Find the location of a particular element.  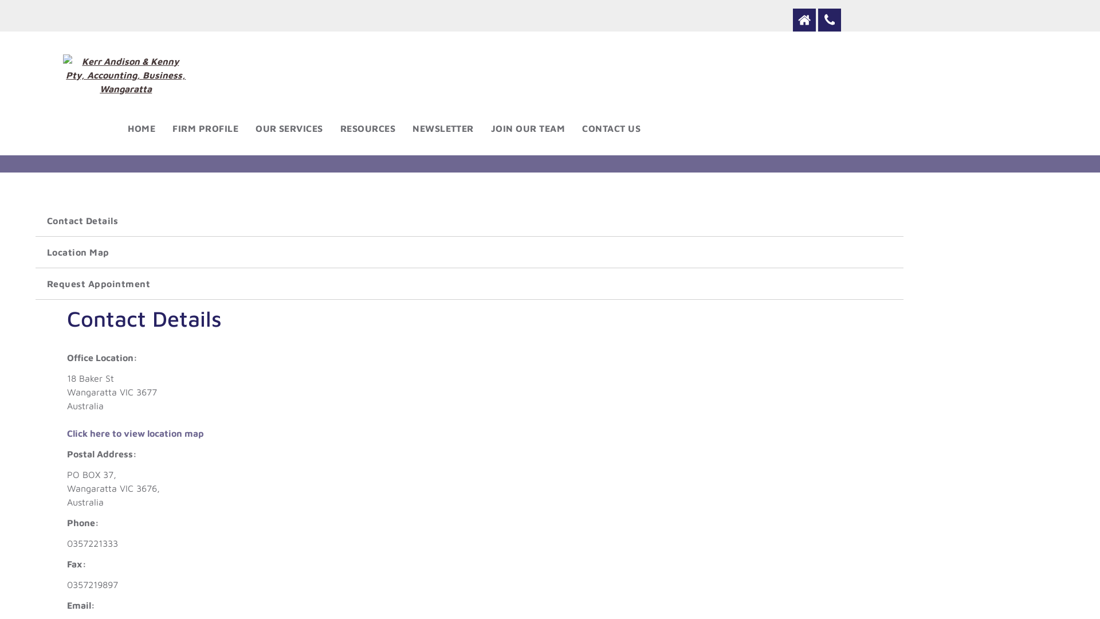

'home' is located at coordinates (803, 19).